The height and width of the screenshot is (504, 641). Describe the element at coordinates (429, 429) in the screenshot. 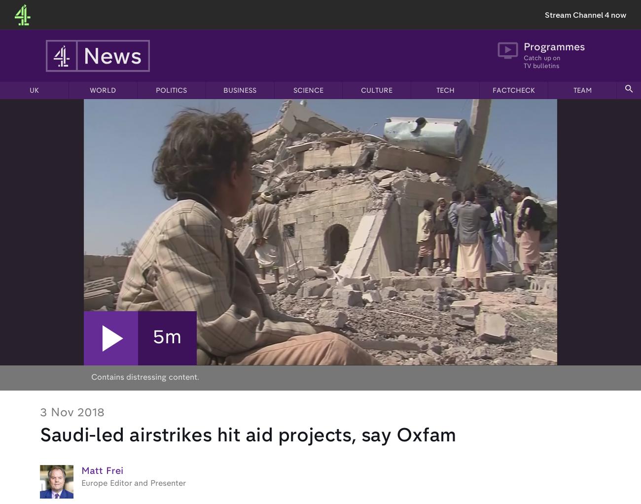

I see `'Annual Report'` at that location.